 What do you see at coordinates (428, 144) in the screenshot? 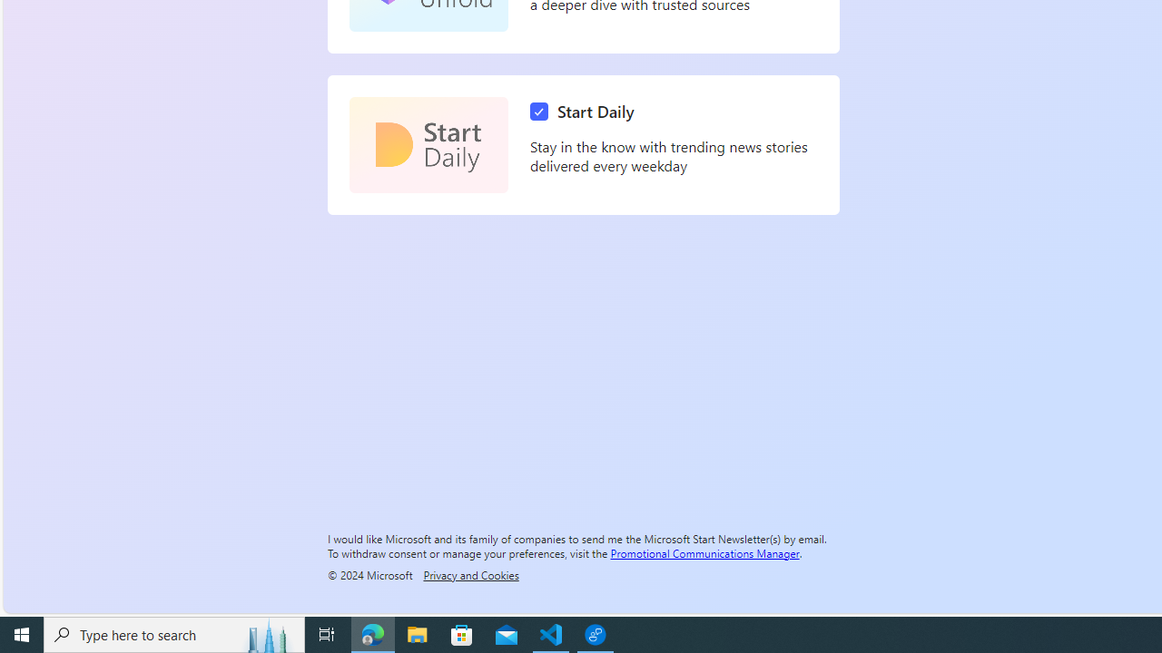
I see `'Start Daily'` at bounding box center [428, 144].